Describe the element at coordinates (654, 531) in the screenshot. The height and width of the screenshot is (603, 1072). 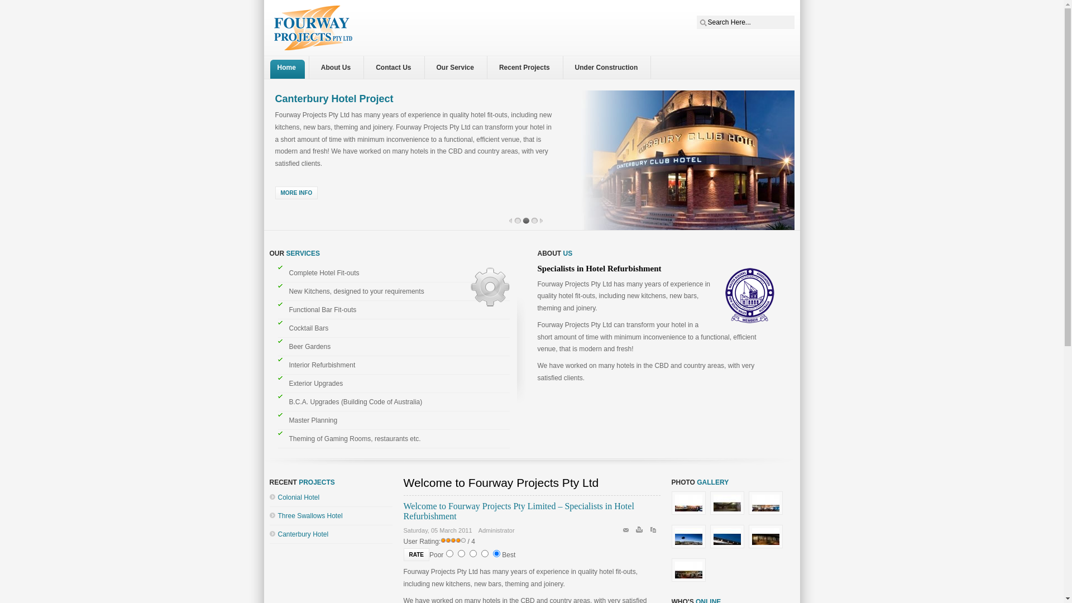
I see `'PDF'` at that location.